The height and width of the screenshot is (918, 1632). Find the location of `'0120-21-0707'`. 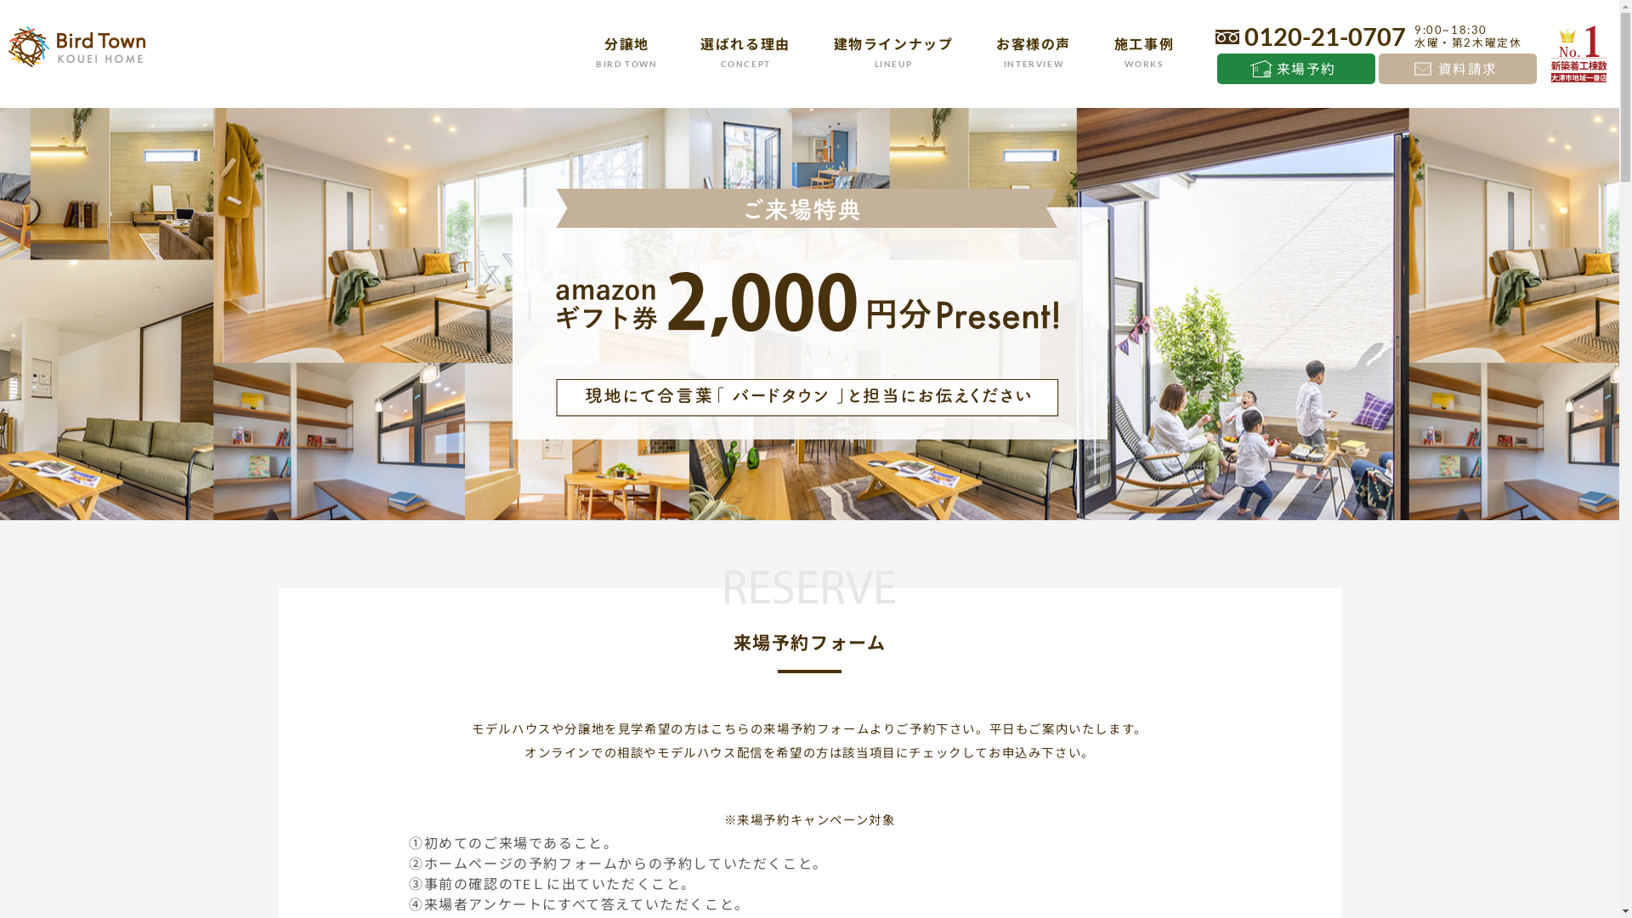

'0120-21-0707' is located at coordinates (1309, 36).